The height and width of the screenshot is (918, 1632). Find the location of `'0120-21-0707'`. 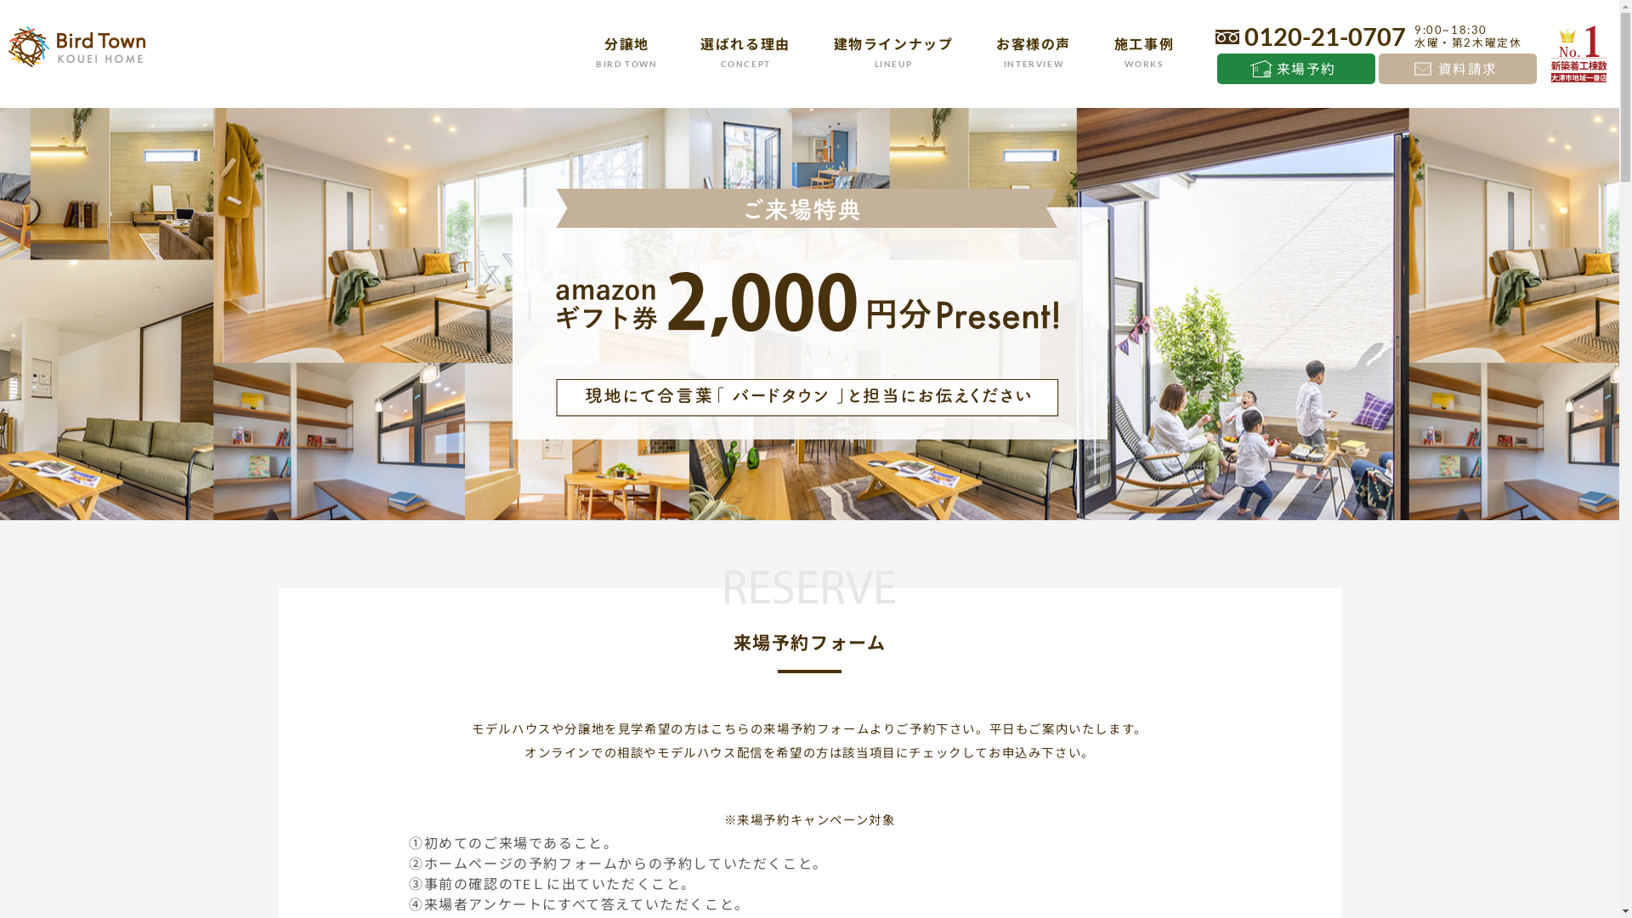

'0120-21-0707' is located at coordinates (1309, 36).